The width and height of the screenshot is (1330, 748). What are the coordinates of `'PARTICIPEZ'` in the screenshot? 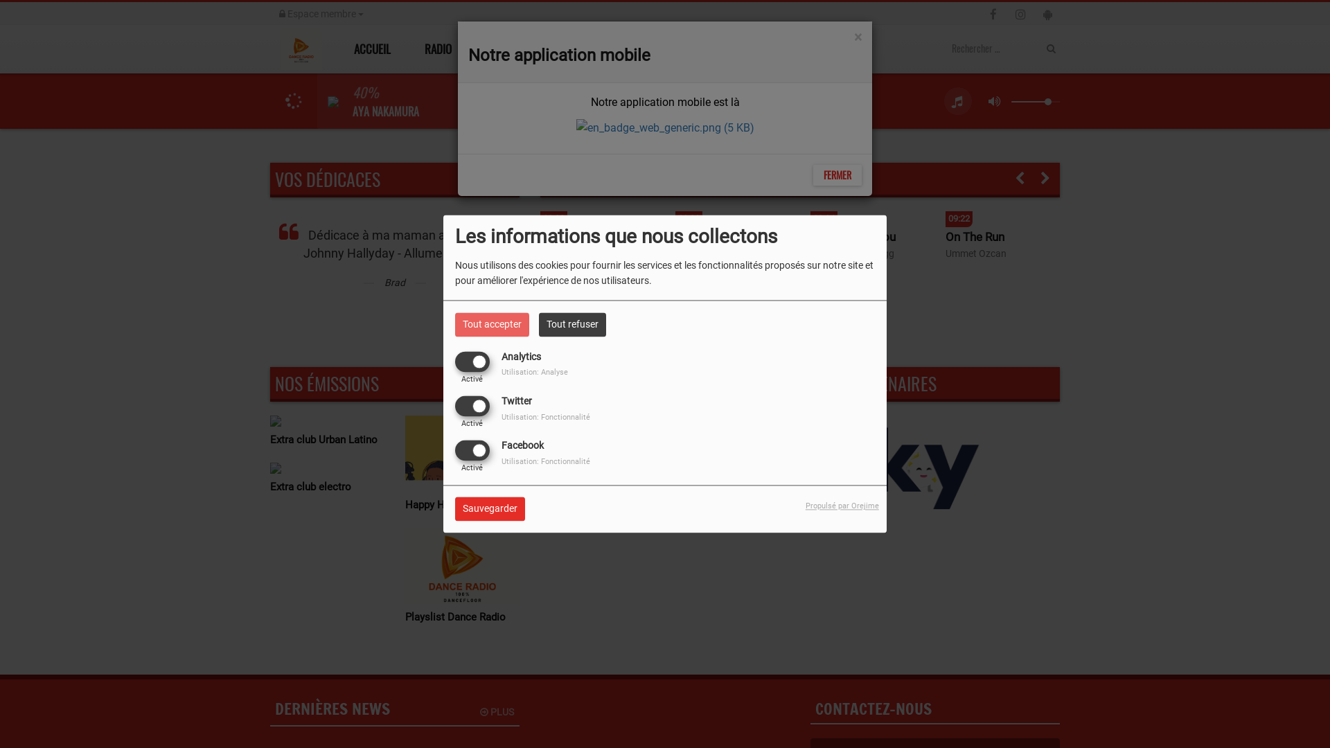 It's located at (687, 48).